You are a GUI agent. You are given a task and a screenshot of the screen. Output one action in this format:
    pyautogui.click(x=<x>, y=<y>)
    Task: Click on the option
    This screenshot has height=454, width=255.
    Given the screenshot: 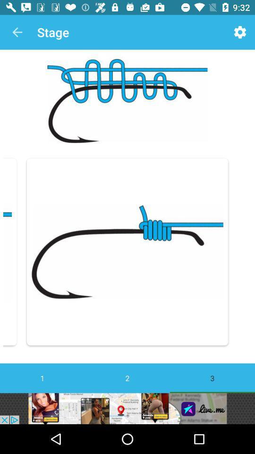 What is the action you would take?
    pyautogui.click(x=127, y=408)
    